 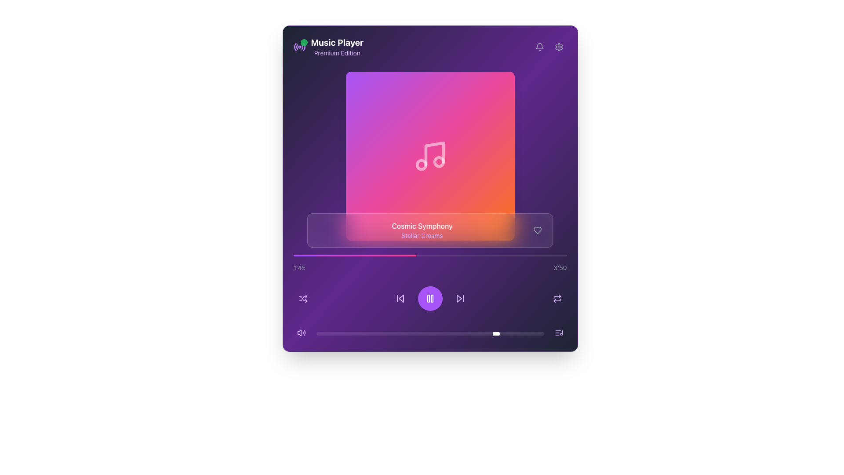 I want to click on the bell-shaped icon located in the top-right corner of the music player interface, so click(x=539, y=47).